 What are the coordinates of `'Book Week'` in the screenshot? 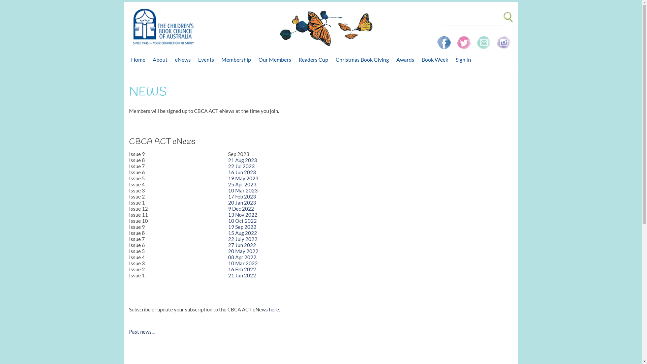 It's located at (436, 59).